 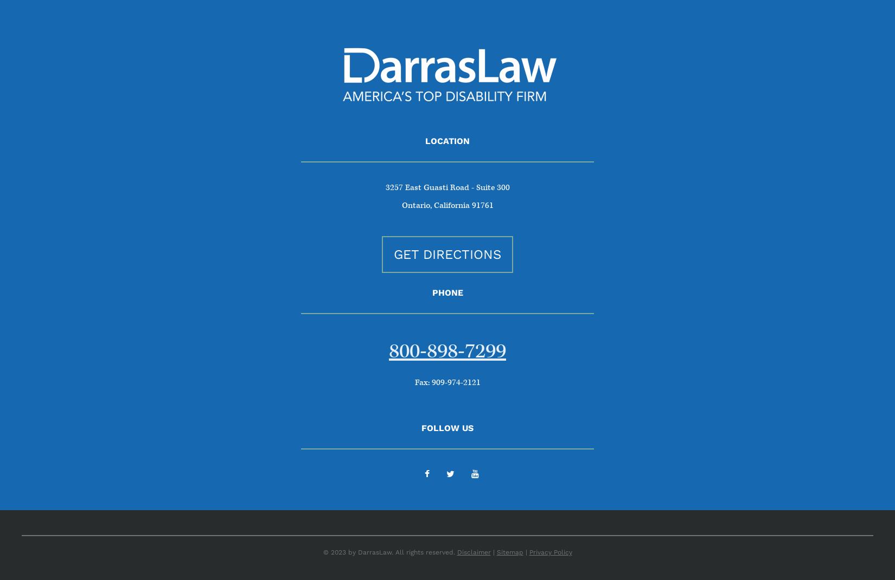 What do you see at coordinates (446, 205) in the screenshot?
I see `'Ontario, California 91761'` at bounding box center [446, 205].